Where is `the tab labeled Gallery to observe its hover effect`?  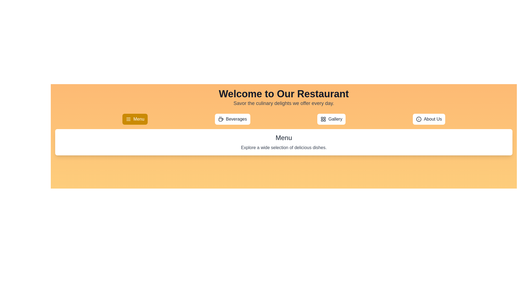 the tab labeled Gallery to observe its hover effect is located at coordinates (331, 119).